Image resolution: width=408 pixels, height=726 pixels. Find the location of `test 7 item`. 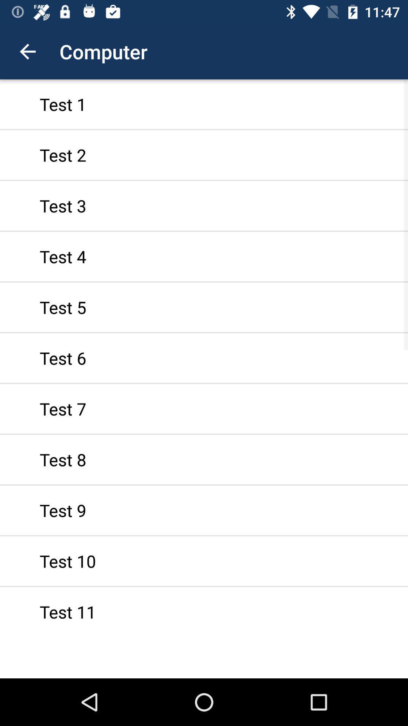

test 7 item is located at coordinates (204, 408).